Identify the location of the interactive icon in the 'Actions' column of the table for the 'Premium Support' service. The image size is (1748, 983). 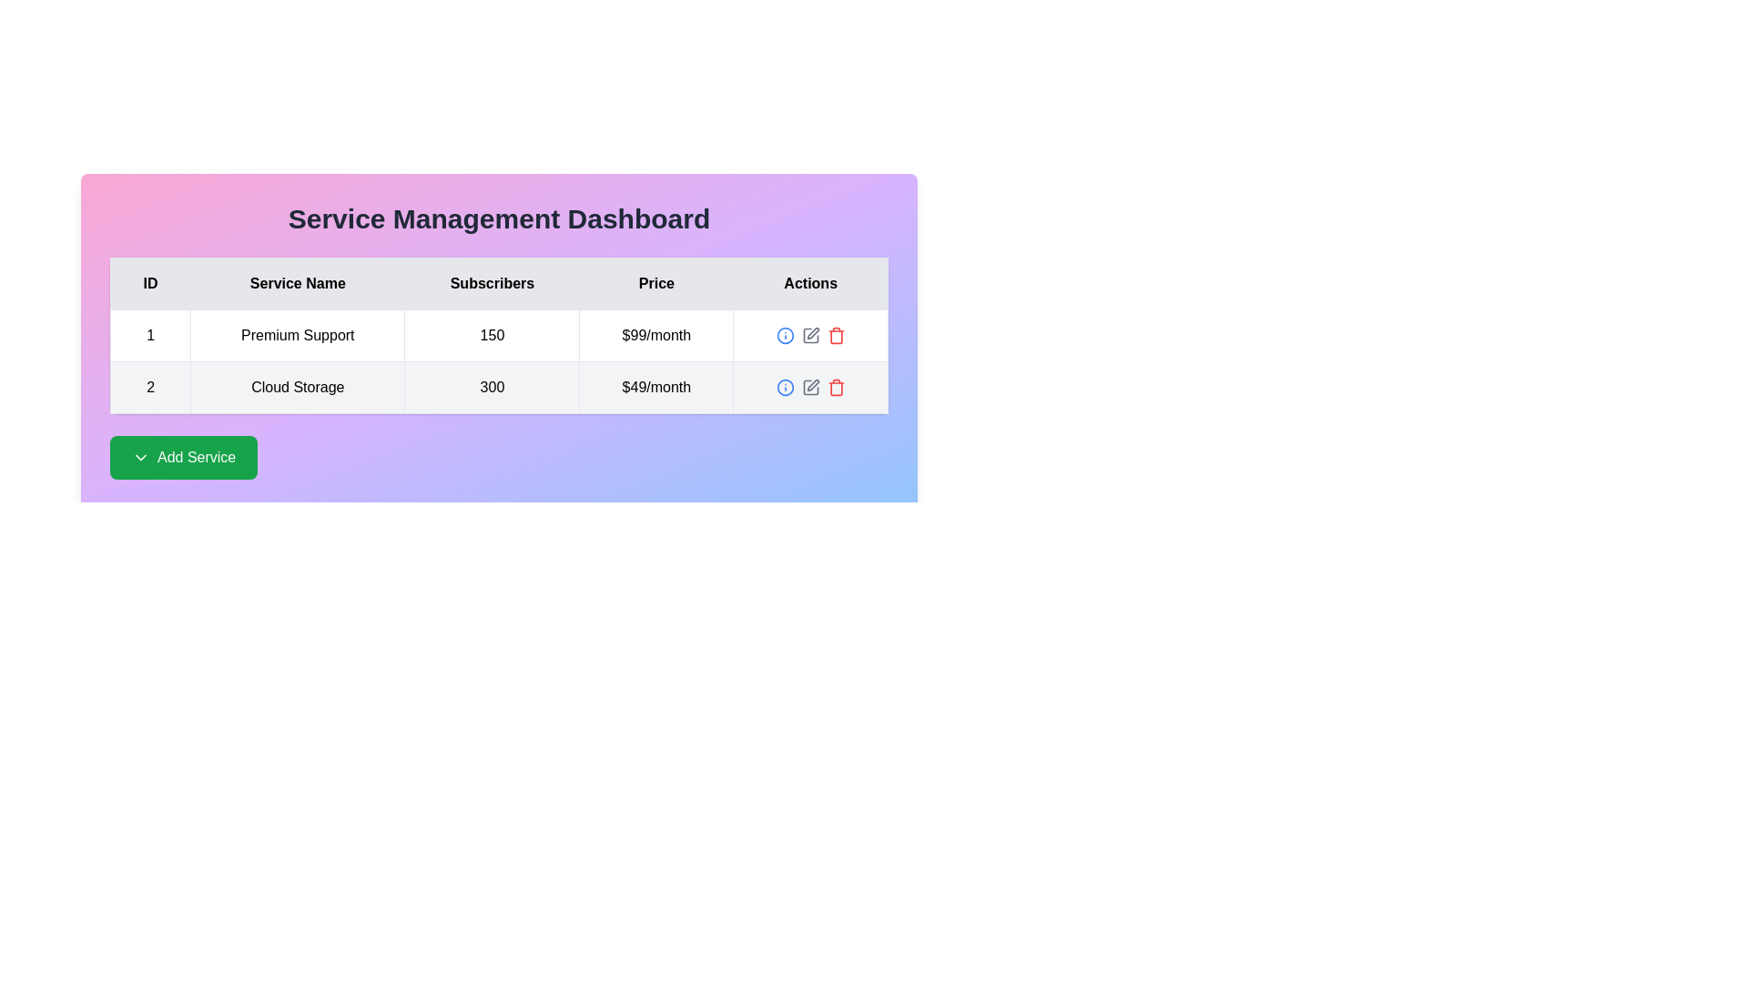
(785, 386).